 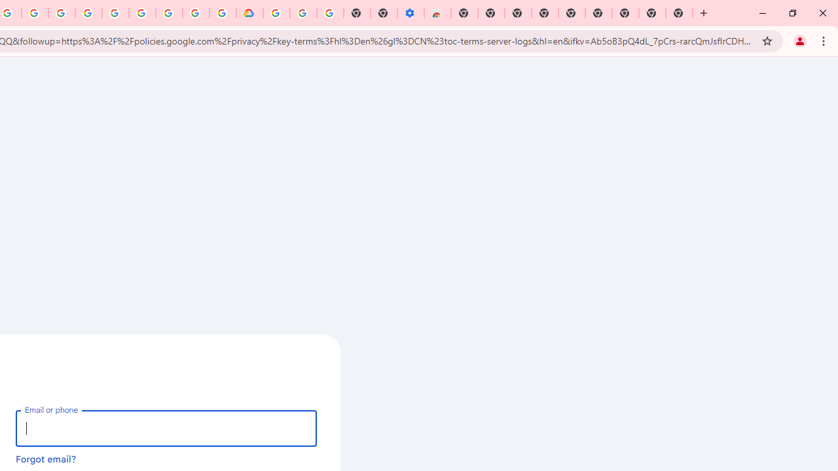 I want to click on 'New Tab', so click(x=680, y=13).